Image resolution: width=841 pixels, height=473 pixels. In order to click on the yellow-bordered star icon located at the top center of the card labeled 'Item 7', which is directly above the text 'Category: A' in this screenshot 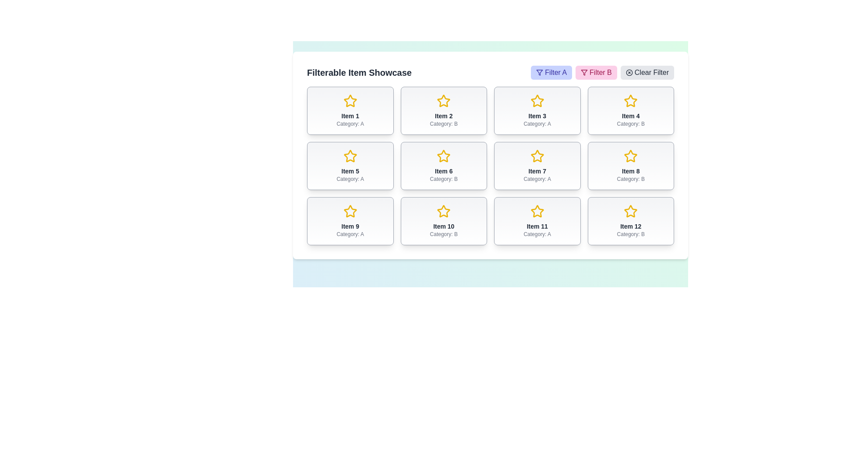, I will do `click(537, 156)`.